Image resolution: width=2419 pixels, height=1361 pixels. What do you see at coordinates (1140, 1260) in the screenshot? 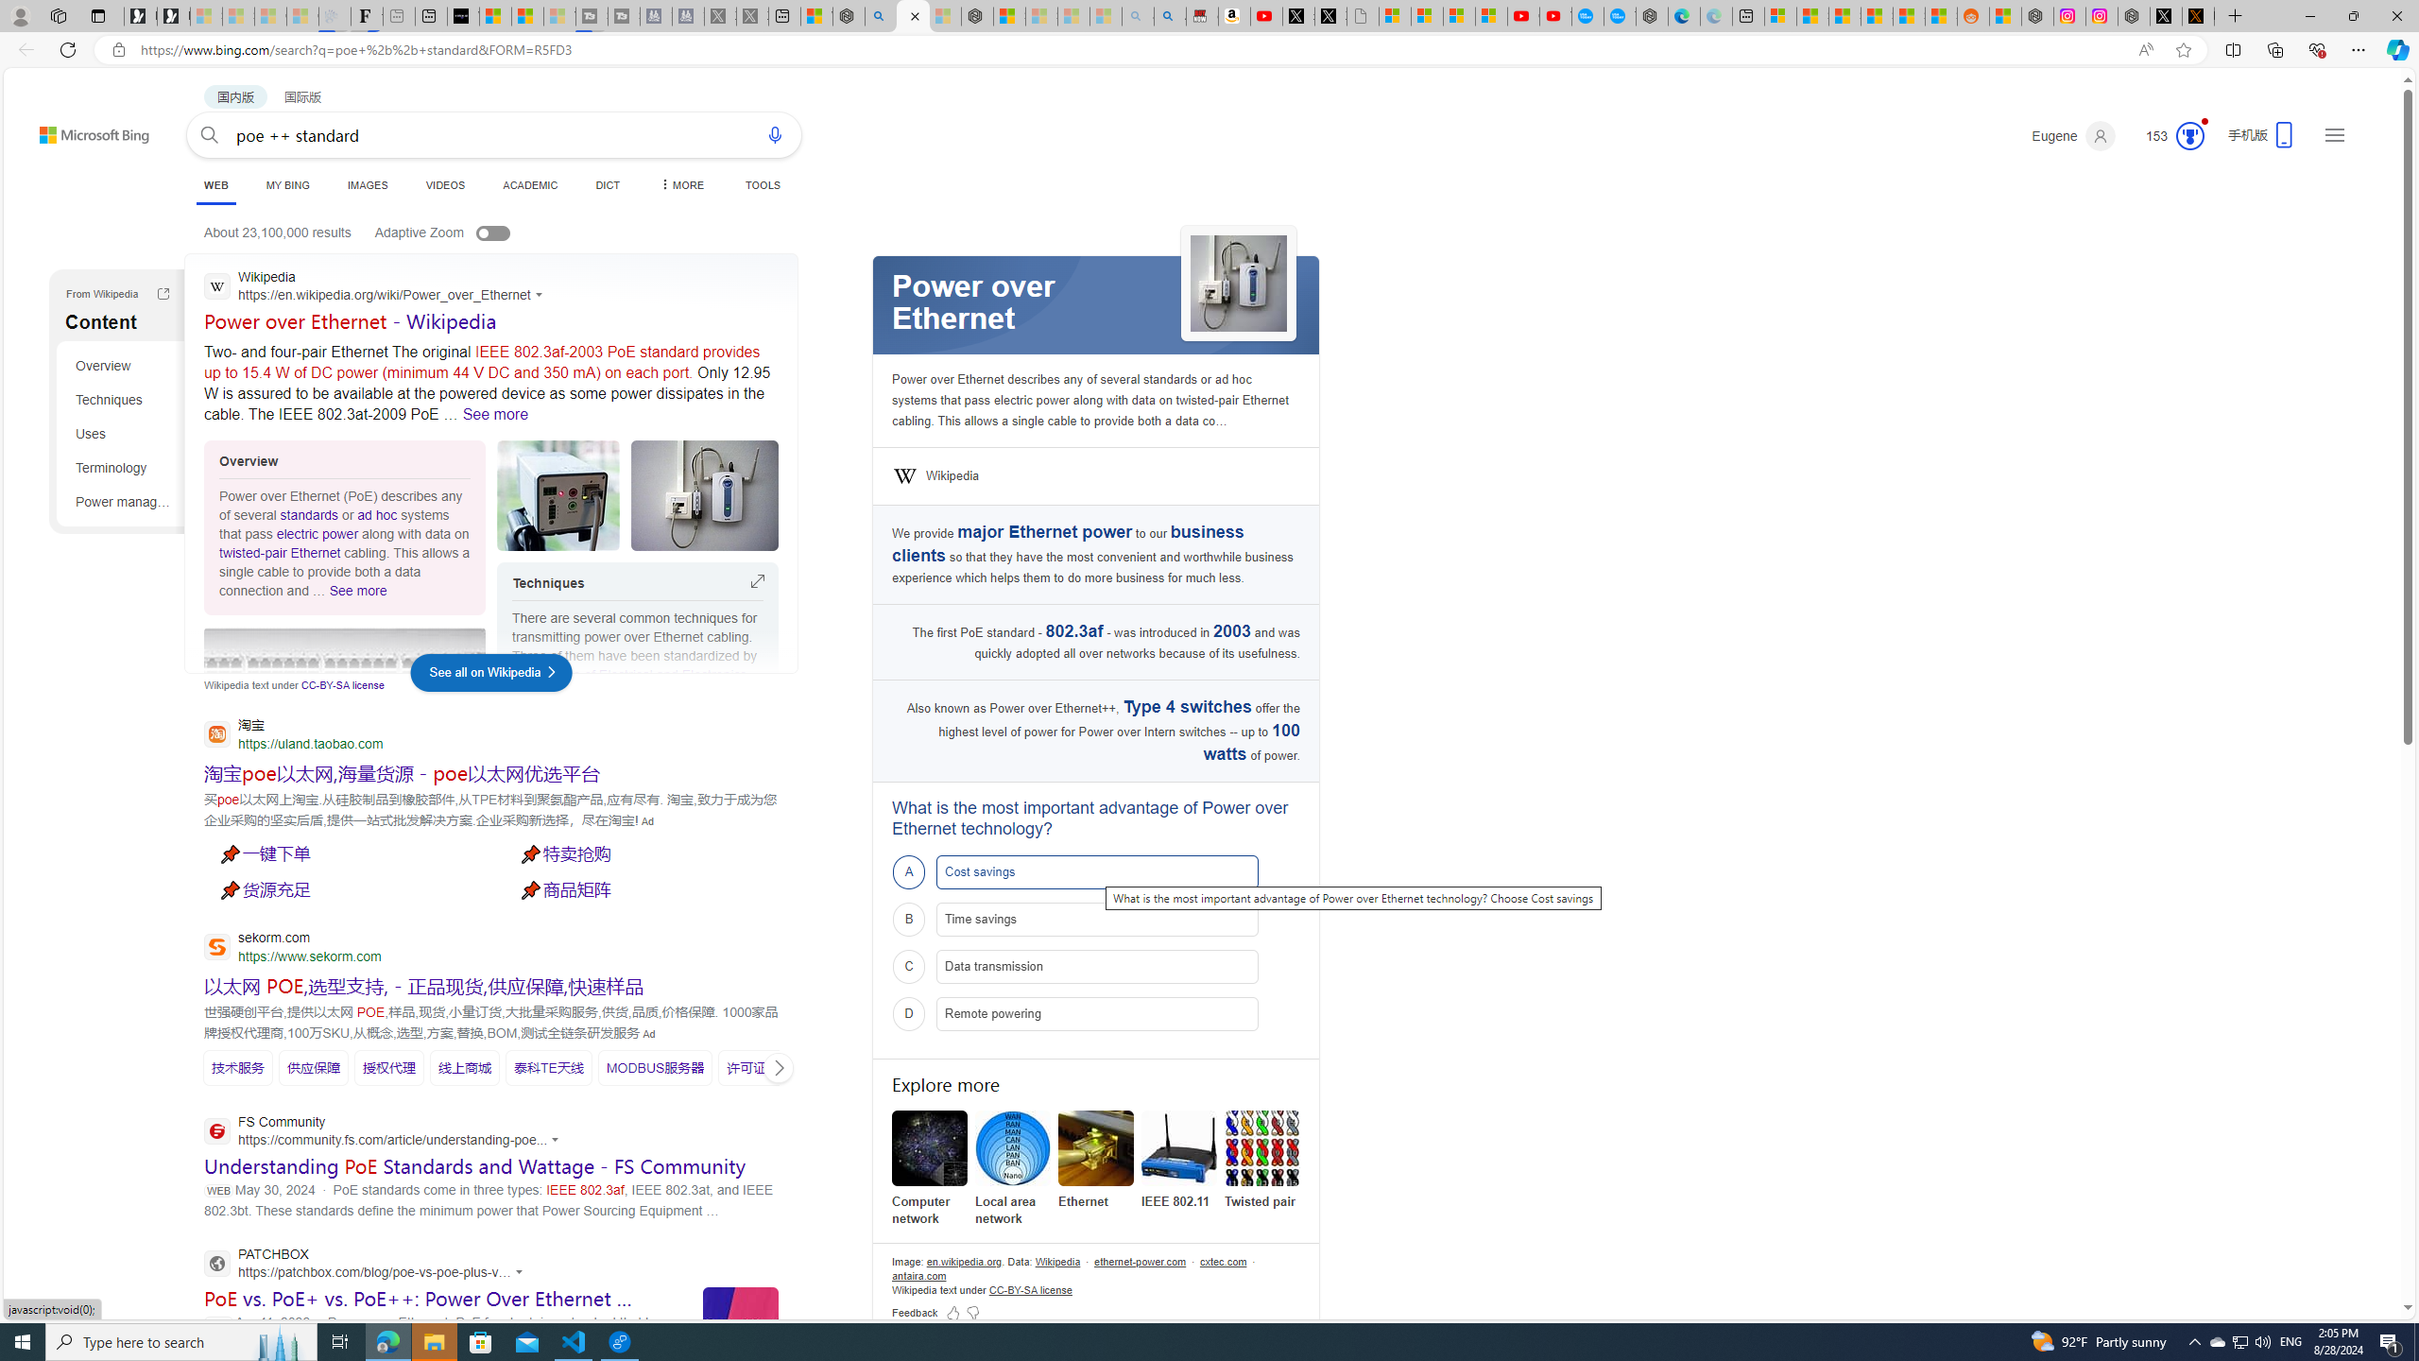
I see `'Data attribution ethernet-power.com'` at bounding box center [1140, 1260].